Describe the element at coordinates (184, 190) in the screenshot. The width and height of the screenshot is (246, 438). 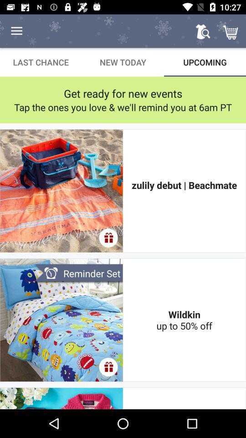
I see `item on the right` at that location.